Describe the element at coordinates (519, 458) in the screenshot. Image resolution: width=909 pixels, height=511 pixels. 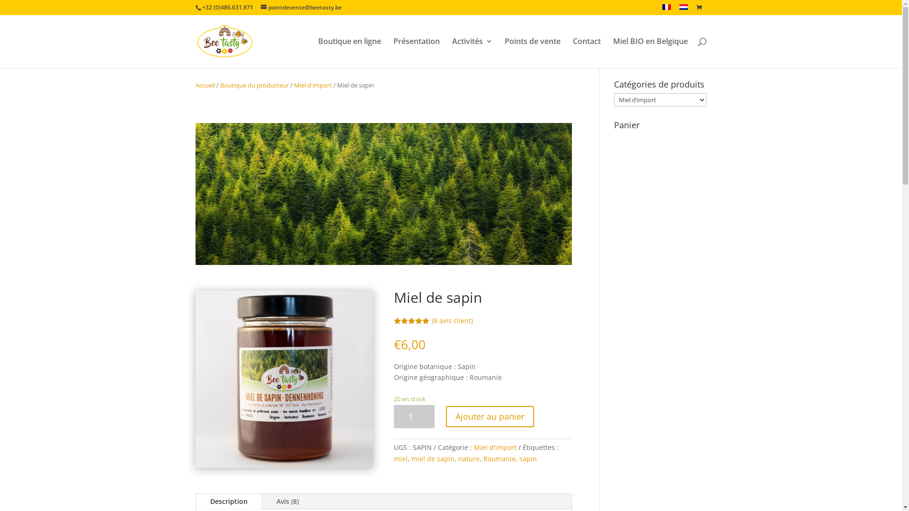
I see `'sapin'` at that location.